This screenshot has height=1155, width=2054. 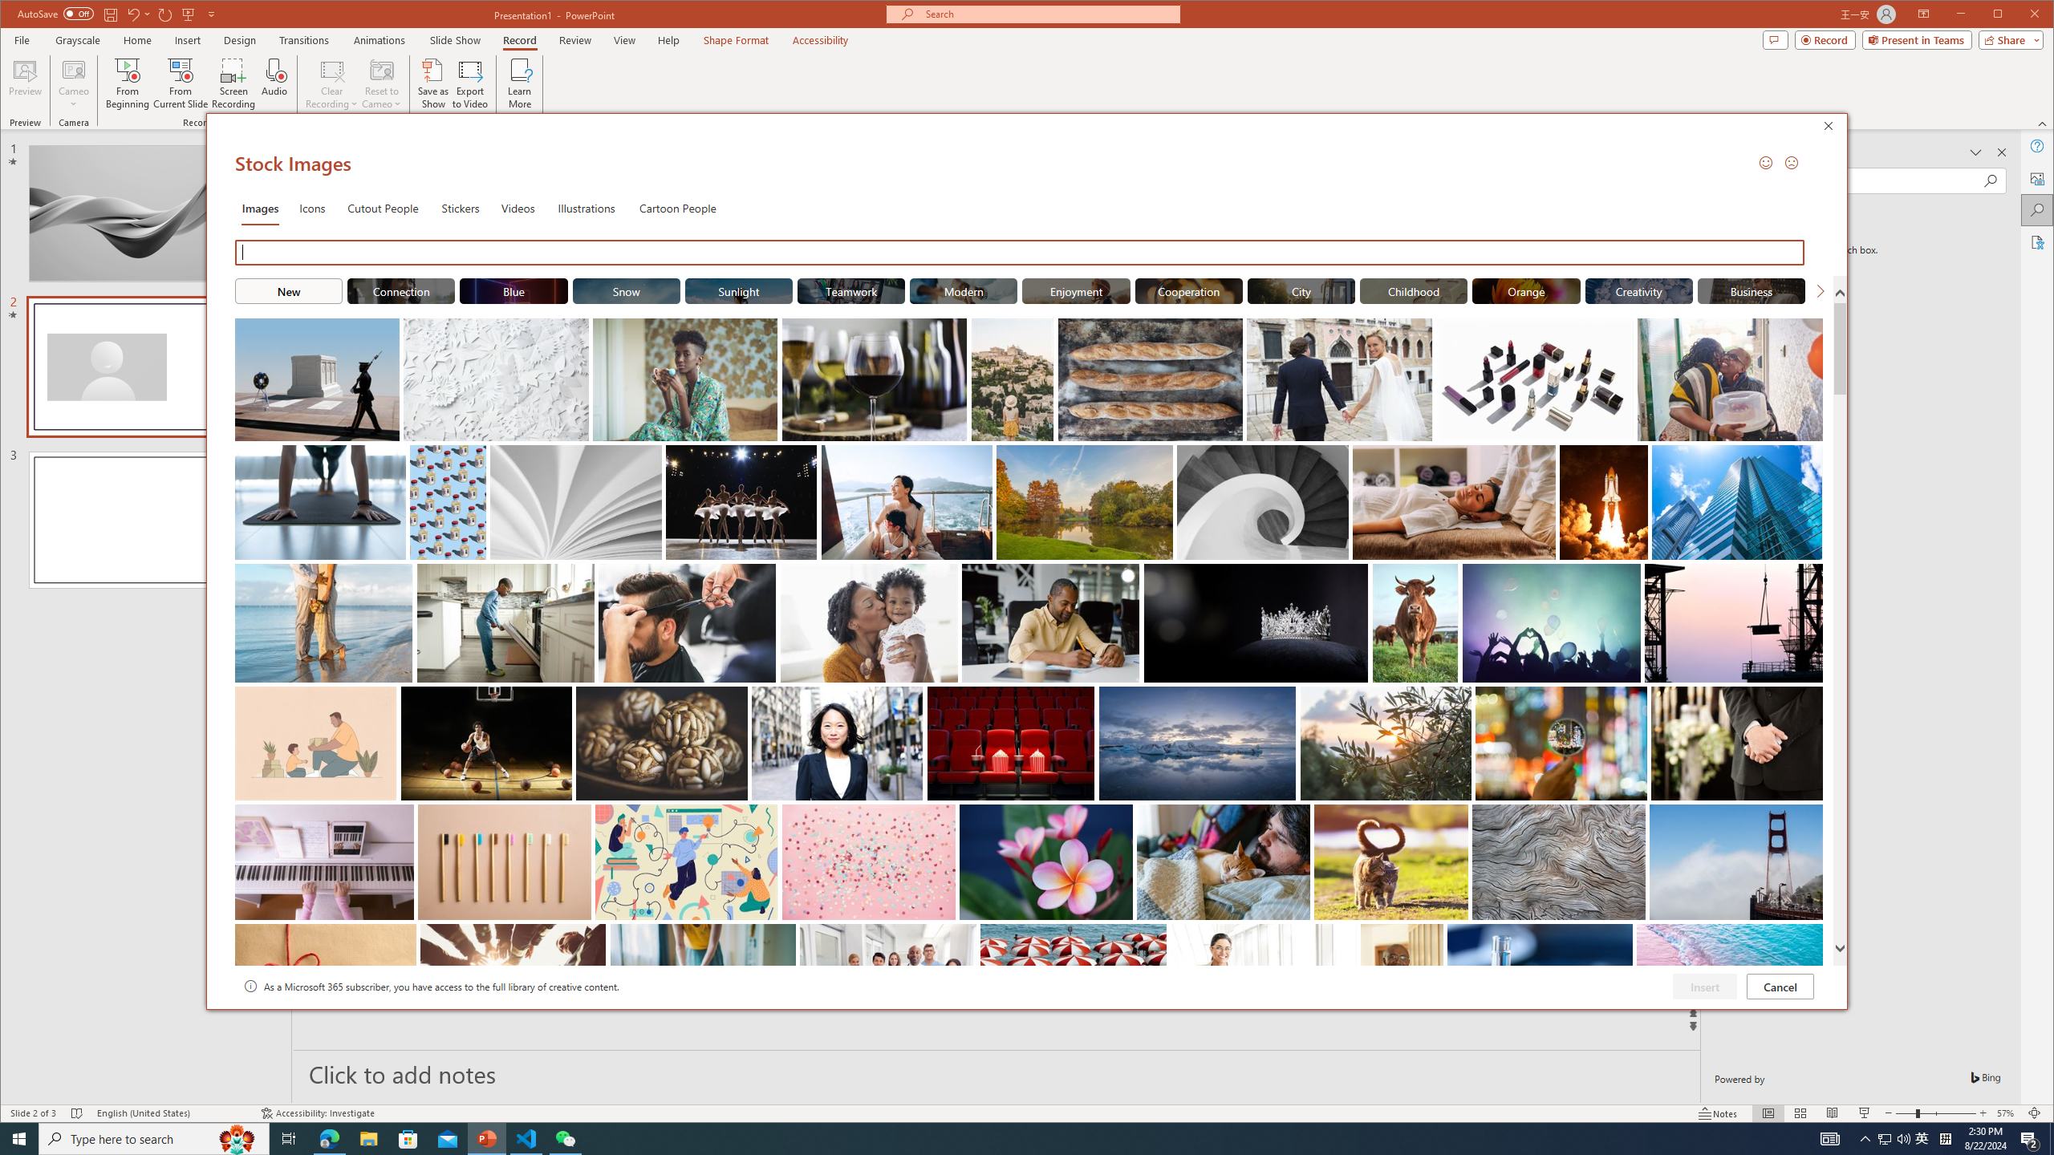 What do you see at coordinates (180, 83) in the screenshot?
I see `'From Current Slide...'` at bounding box center [180, 83].